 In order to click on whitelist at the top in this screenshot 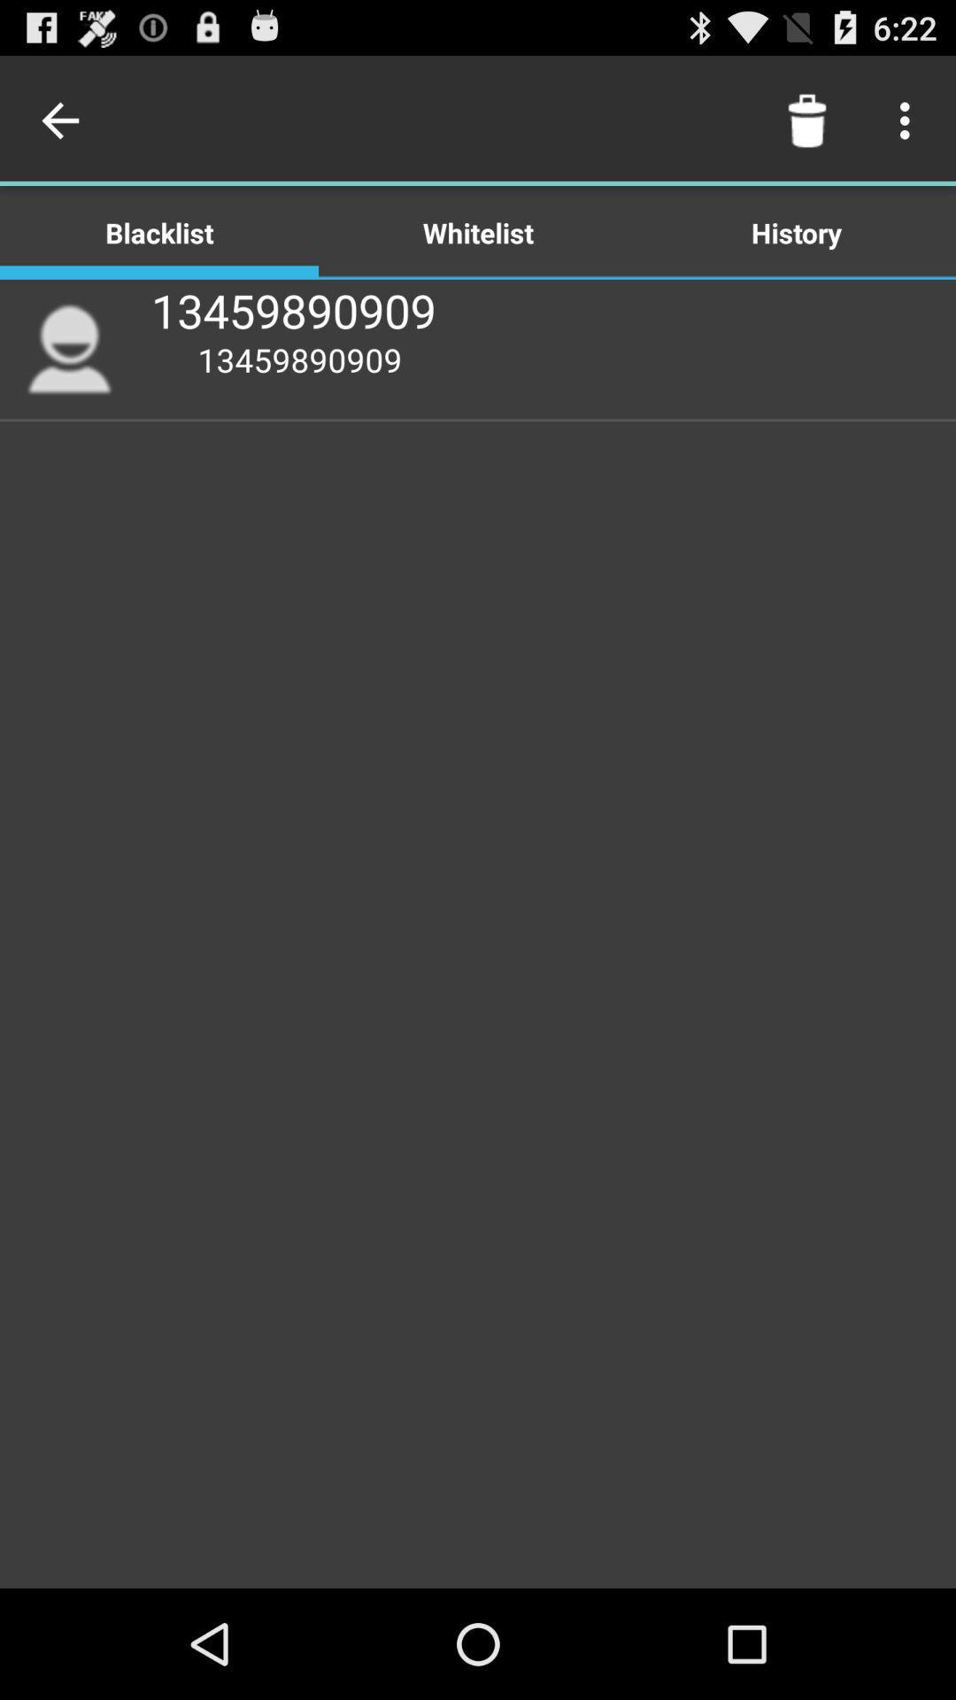, I will do `click(478, 231)`.